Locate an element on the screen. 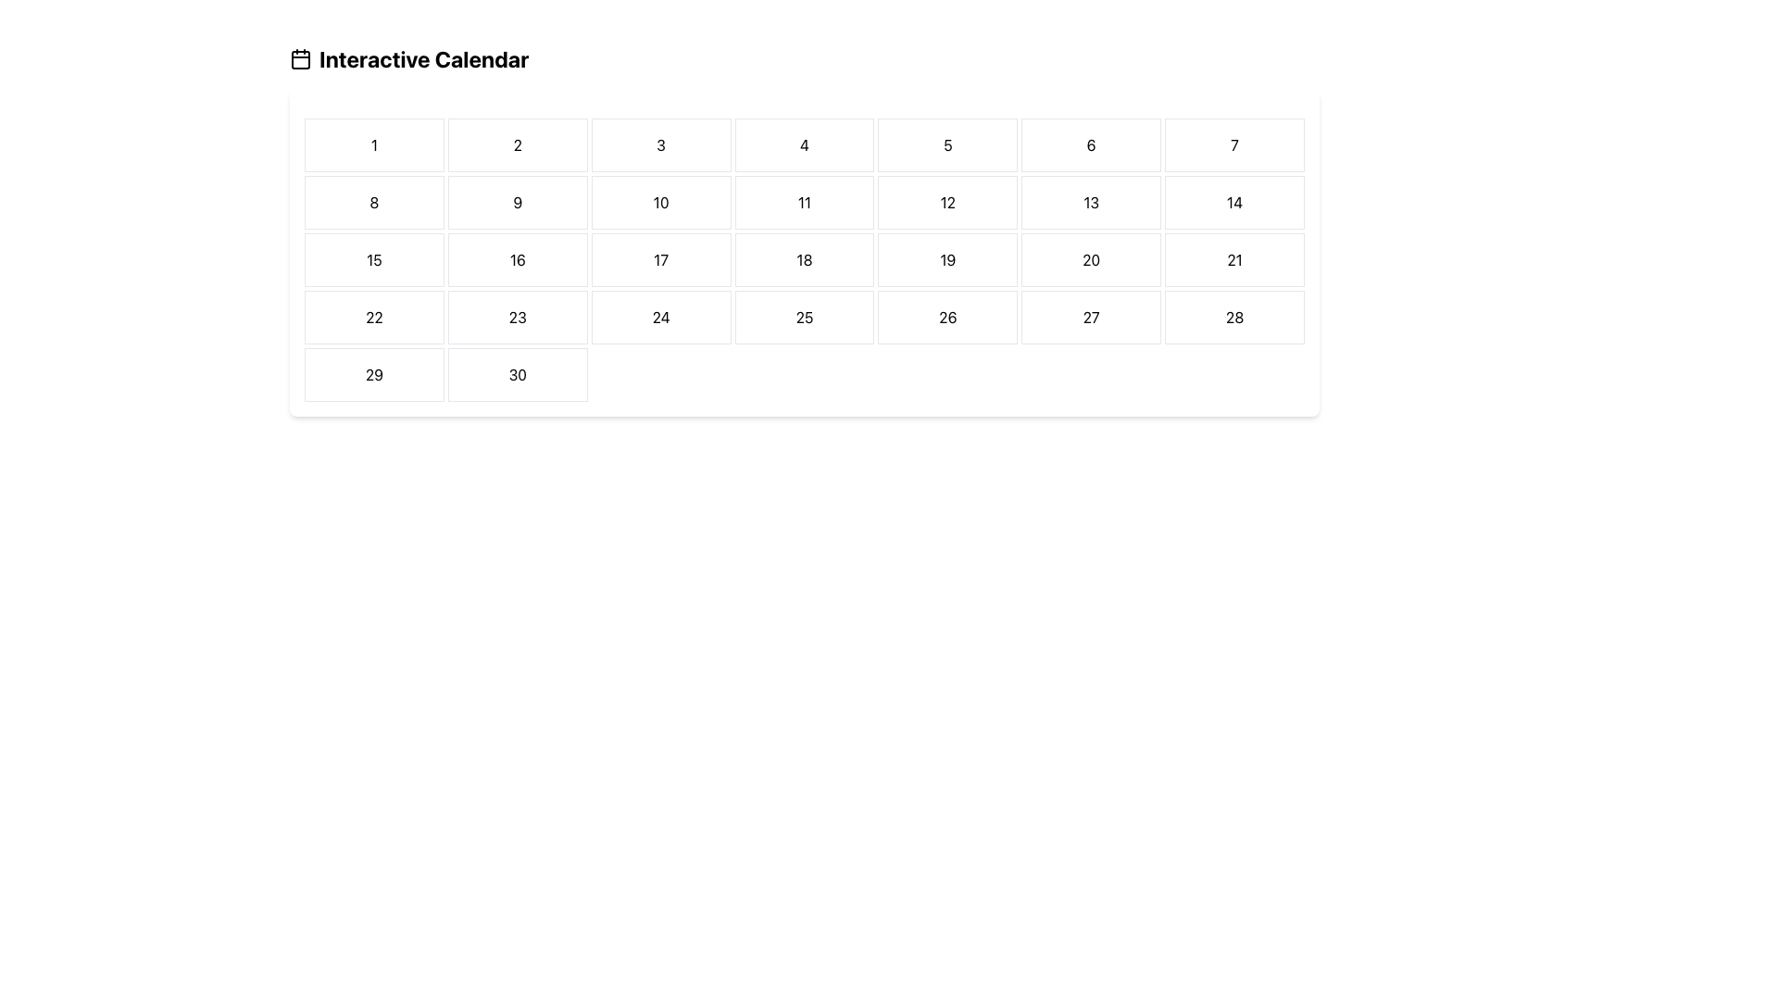 The height and width of the screenshot is (1000, 1778). the interactive box containing the text '15' is located at coordinates (373, 260).